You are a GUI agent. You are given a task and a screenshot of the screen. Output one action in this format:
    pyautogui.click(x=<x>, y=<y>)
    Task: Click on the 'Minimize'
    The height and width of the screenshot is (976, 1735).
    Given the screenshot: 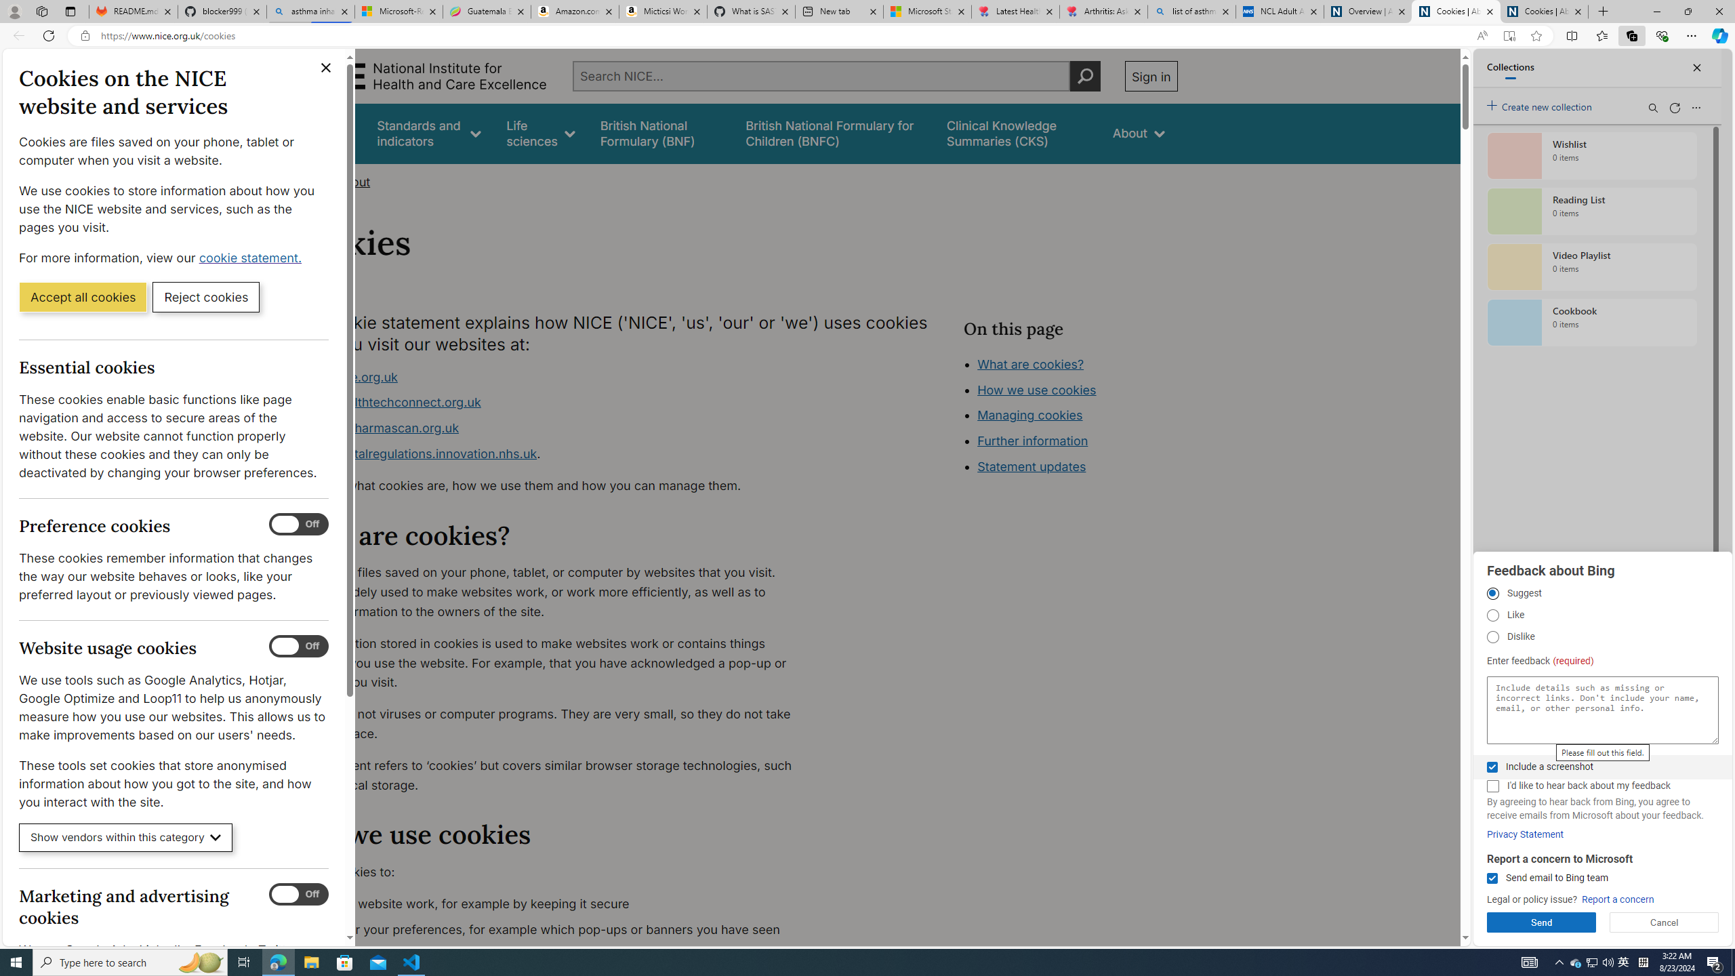 What is the action you would take?
    pyautogui.click(x=1656, y=11)
    